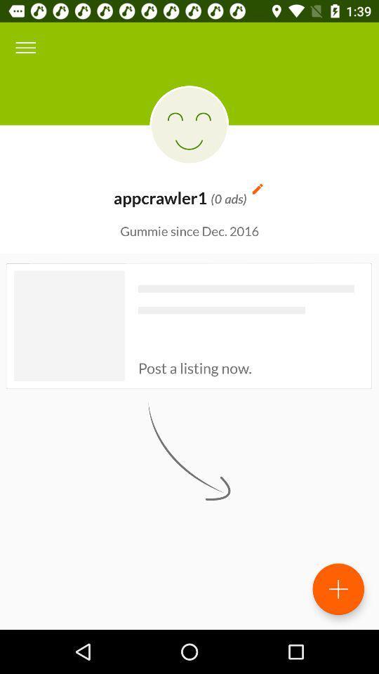 The image size is (379, 674). What do you see at coordinates (257, 188) in the screenshot?
I see `item at the top right corner` at bounding box center [257, 188].